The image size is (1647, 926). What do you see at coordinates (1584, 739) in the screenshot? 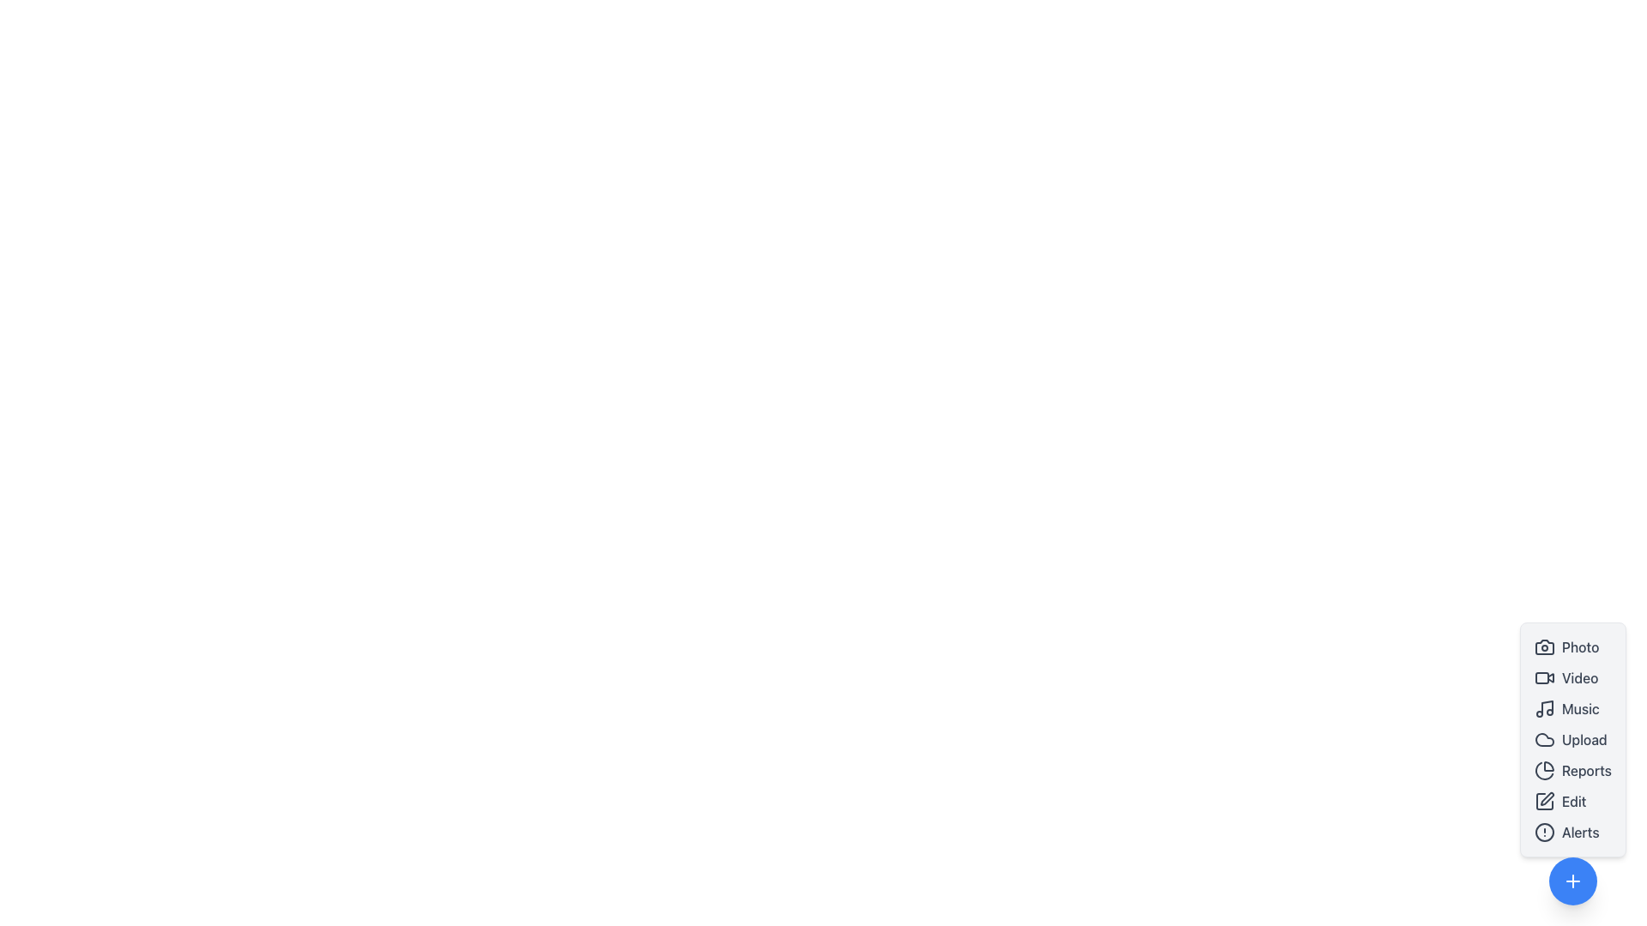
I see `the 'Upload' text label, which is displayed in medium font weight and colored gray by default, located adjacent to a cloud icon in the vertical menu on the right side of the interface` at bounding box center [1584, 739].